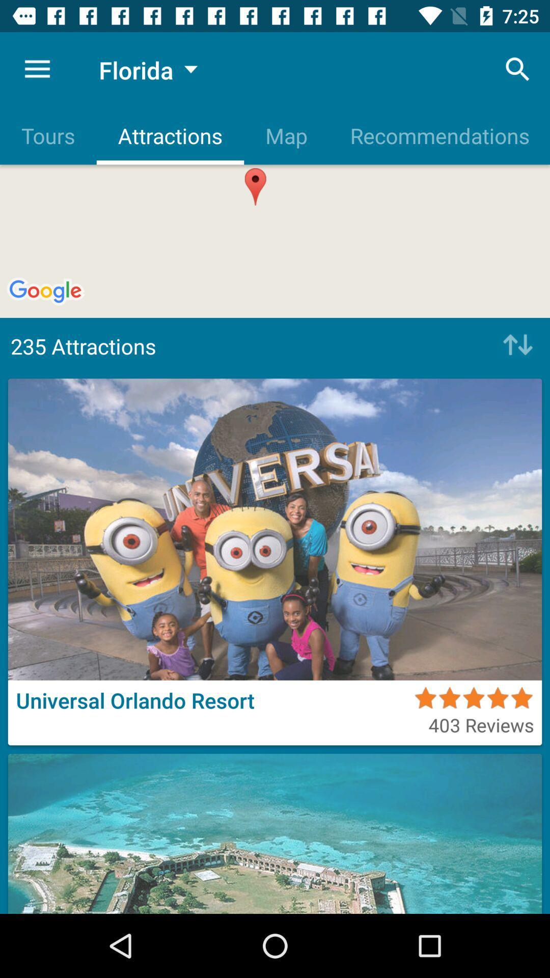  I want to click on the icon next to the florida item, so click(37, 69).